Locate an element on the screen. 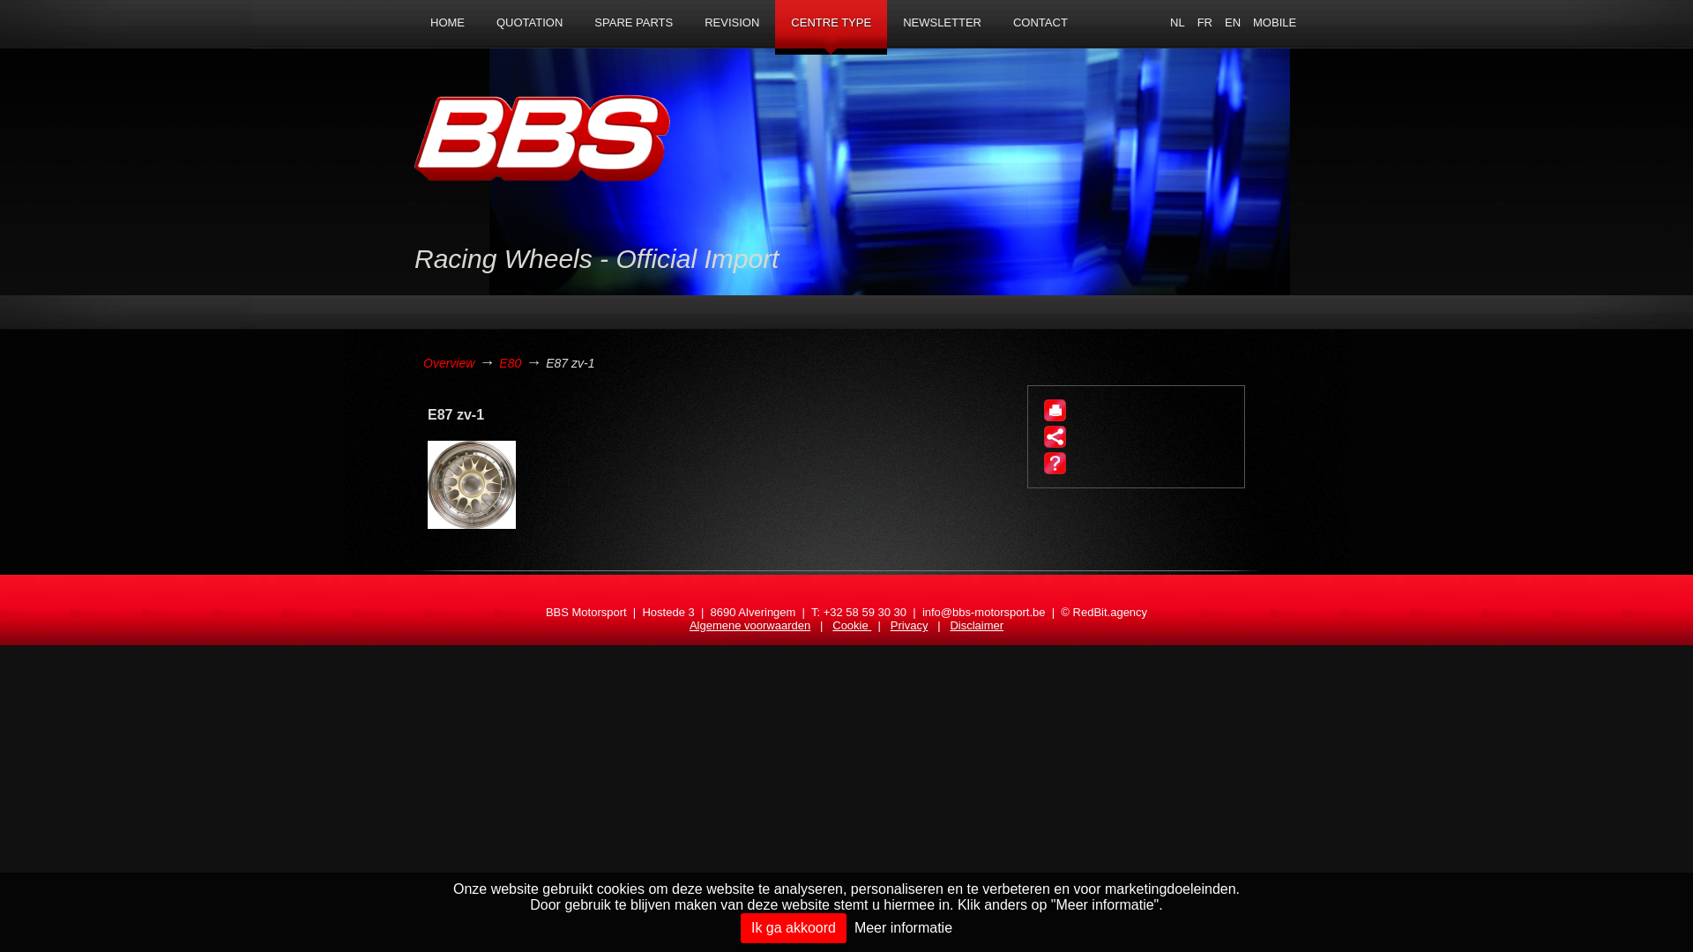 This screenshot has height=952, width=1693. 'SPARE PARTS' is located at coordinates (633, 22).